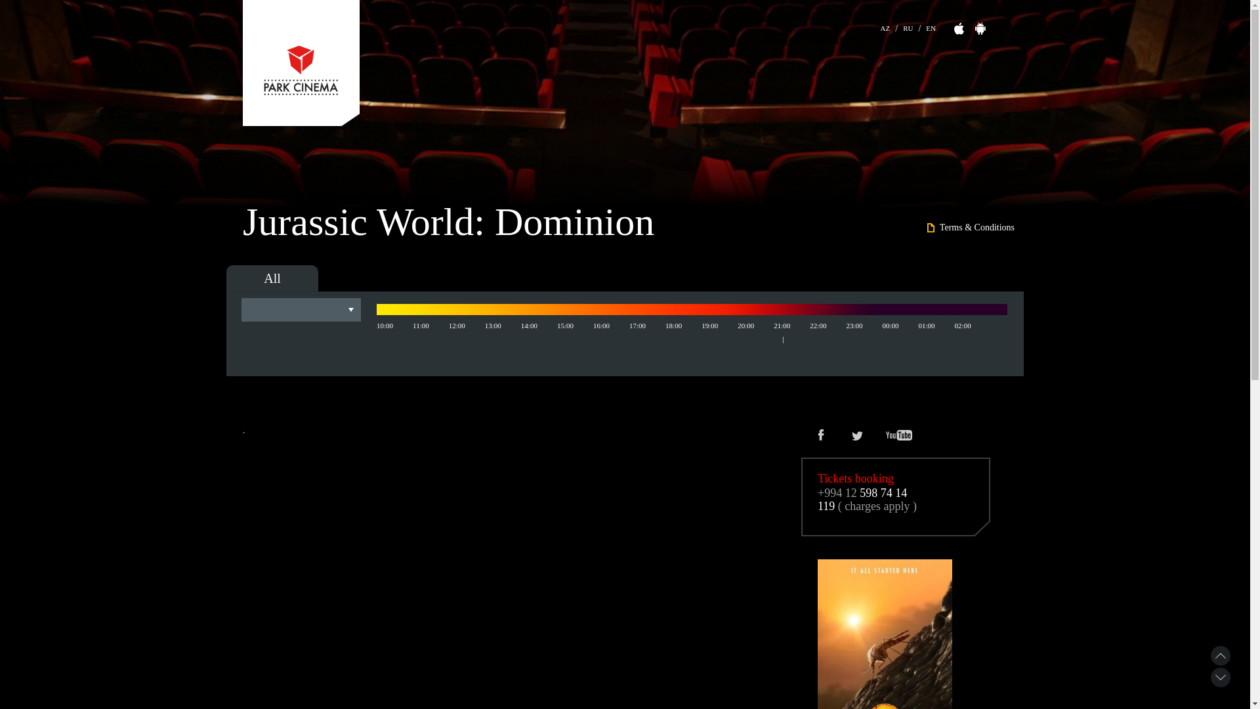  I want to click on 'EN', so click(930, 26).